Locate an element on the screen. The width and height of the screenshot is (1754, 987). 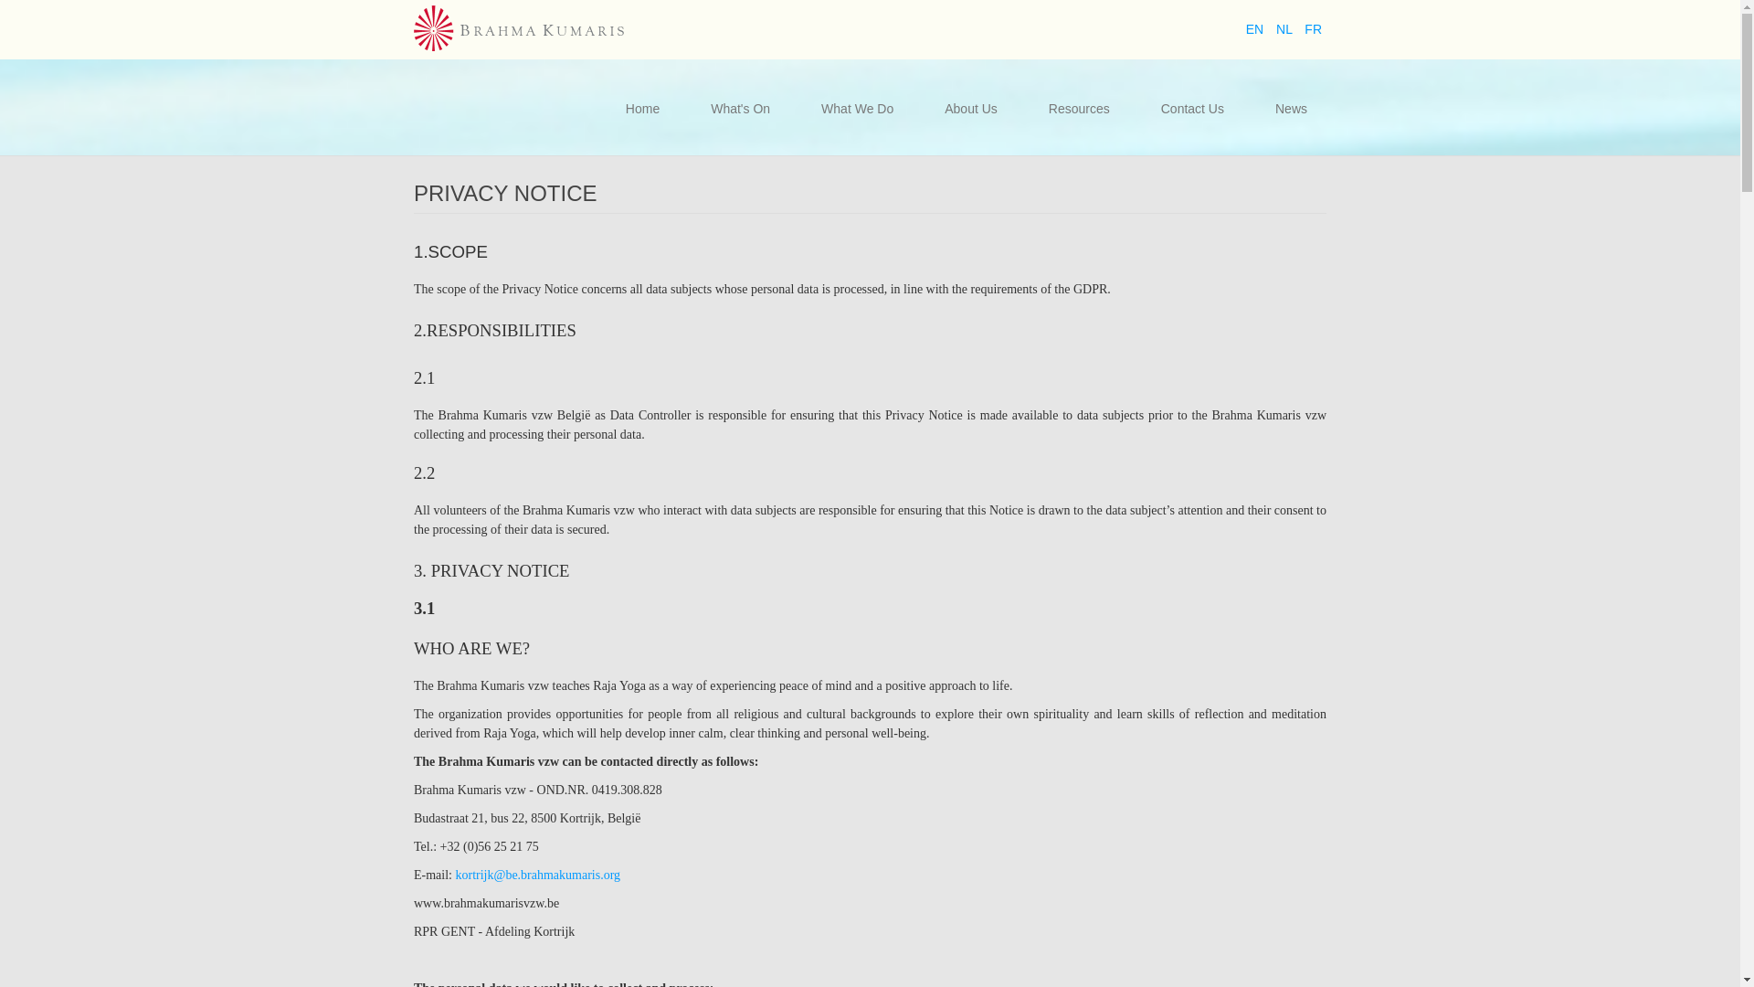
'Home' is located at coordinates (642, 109).